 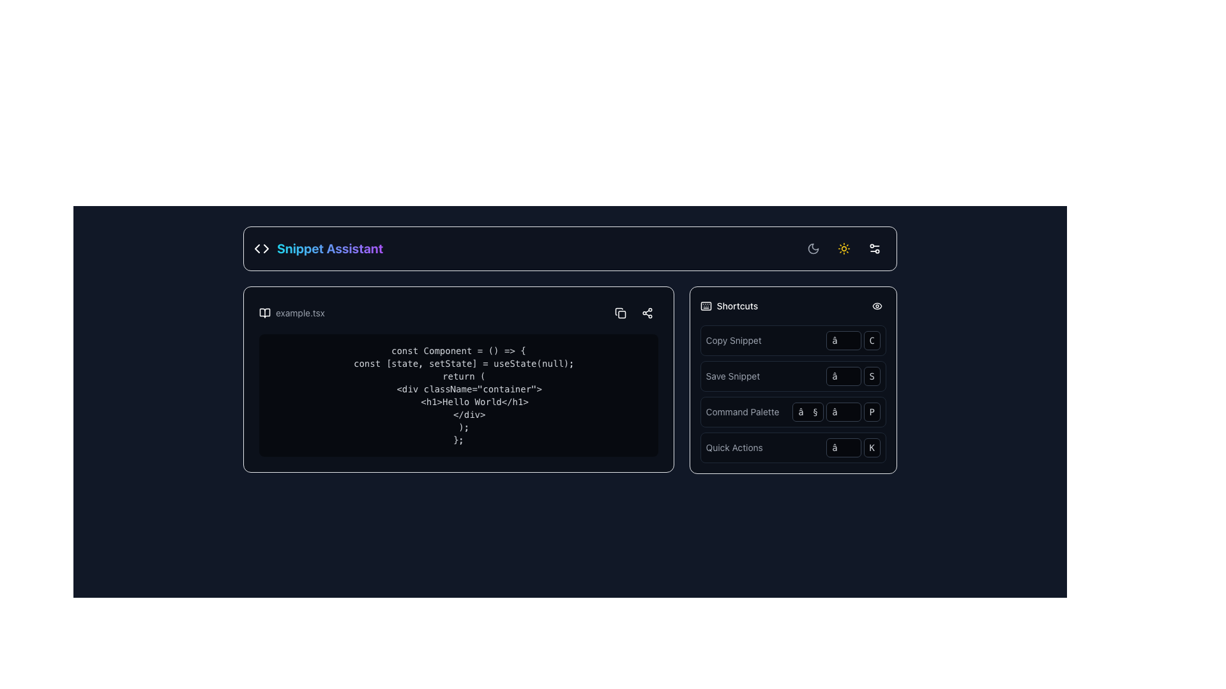 I want to click on the circular button with a moon icon, so click(x=812, y=248).